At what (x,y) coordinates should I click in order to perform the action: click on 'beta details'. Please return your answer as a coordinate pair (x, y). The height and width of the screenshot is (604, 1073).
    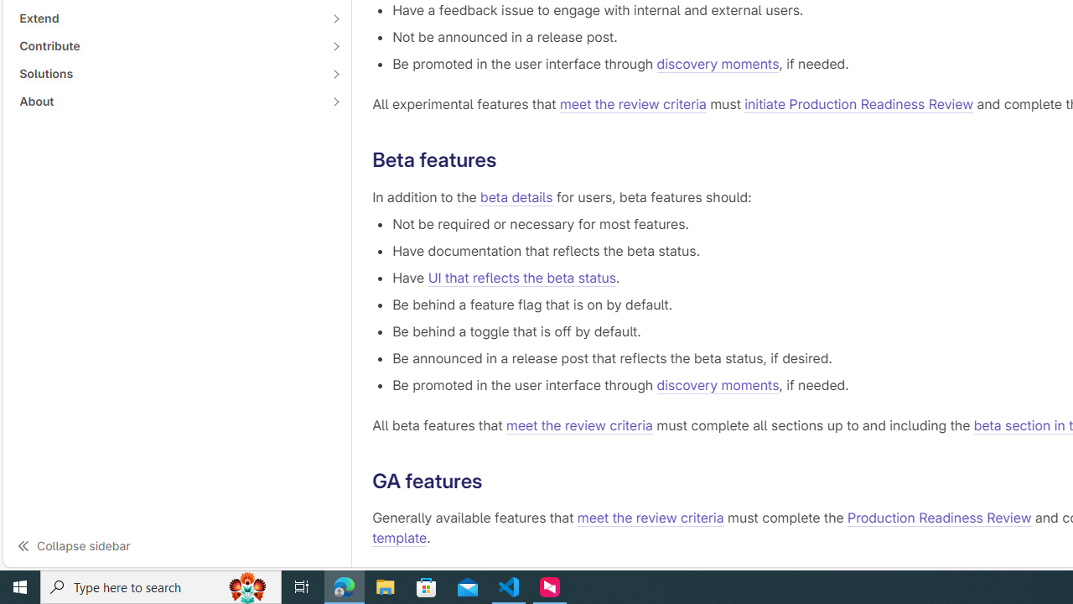
    Looking at the image, I should click on (516, 196).